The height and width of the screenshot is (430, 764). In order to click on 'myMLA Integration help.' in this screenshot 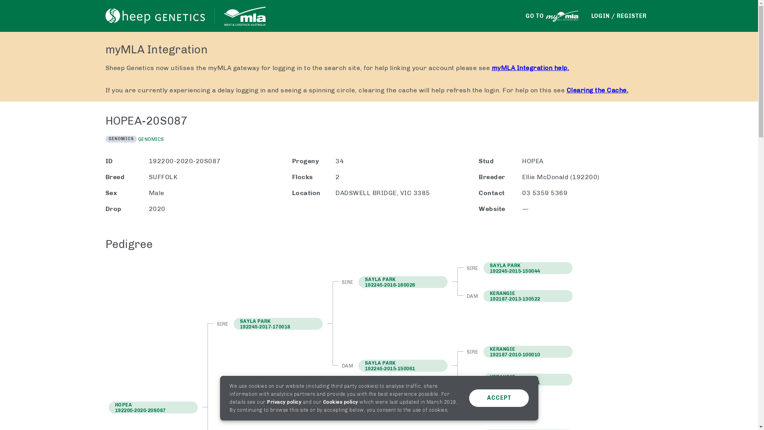, I will do `click(530, 67)`.